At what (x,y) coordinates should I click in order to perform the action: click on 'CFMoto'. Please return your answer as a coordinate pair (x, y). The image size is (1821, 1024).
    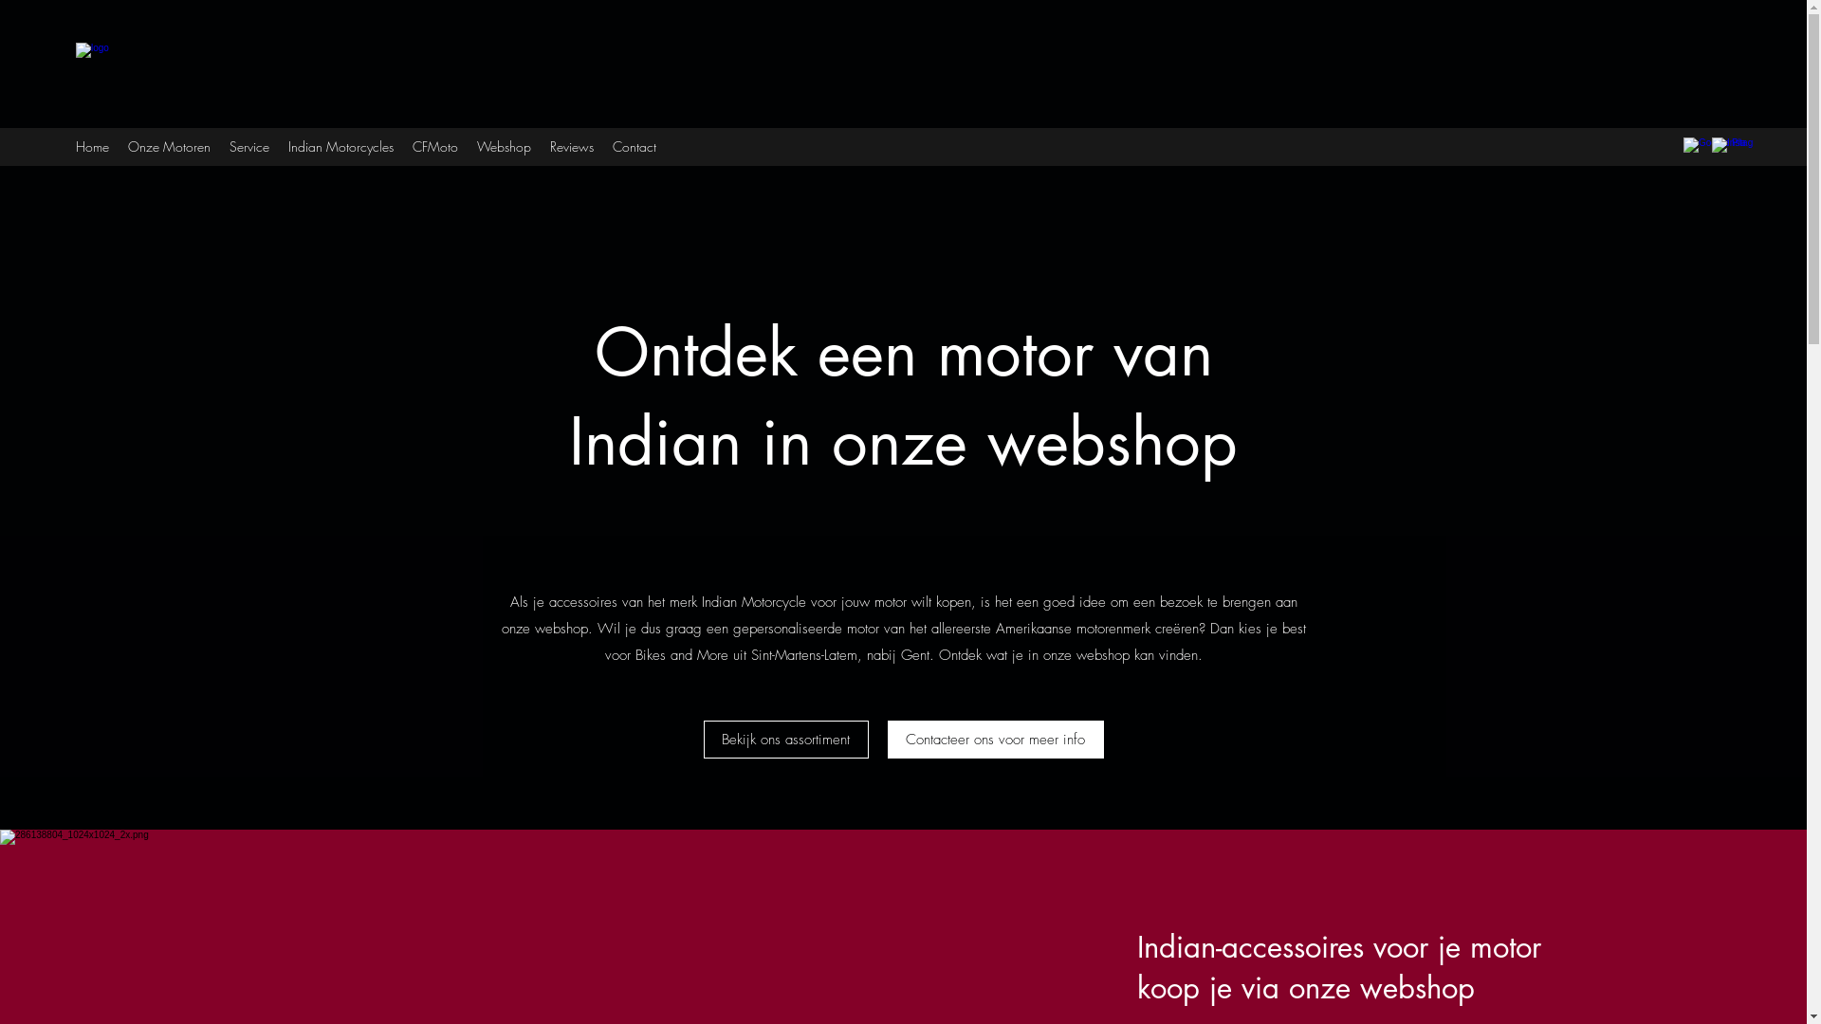
    Looking at the image, I should click on (434, 145).